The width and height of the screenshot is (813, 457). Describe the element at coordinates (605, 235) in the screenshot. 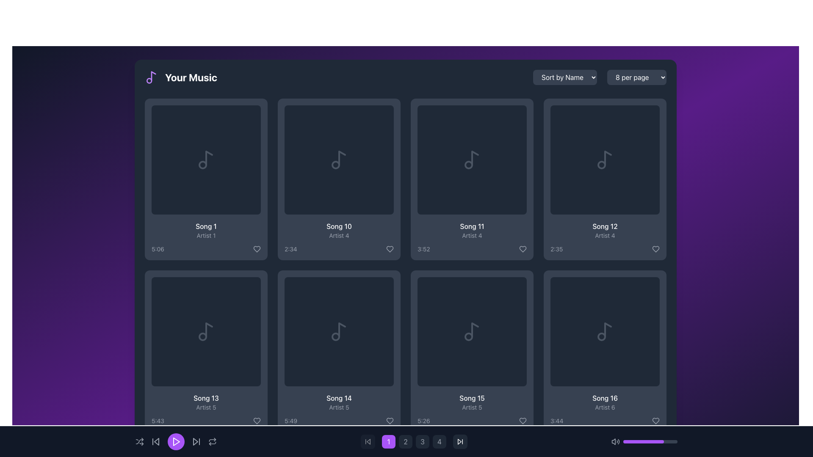

I see `the text label displaying 'Artist 4' located within the song card` at that location.